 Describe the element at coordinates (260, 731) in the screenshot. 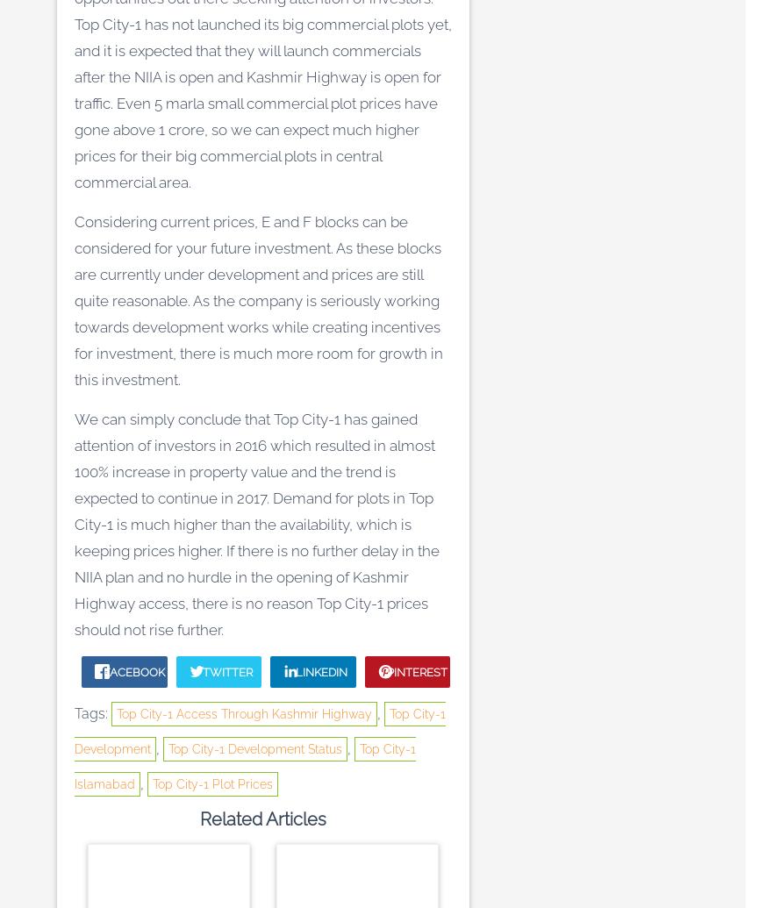

I see `'Top City-1 Development'` at that location.